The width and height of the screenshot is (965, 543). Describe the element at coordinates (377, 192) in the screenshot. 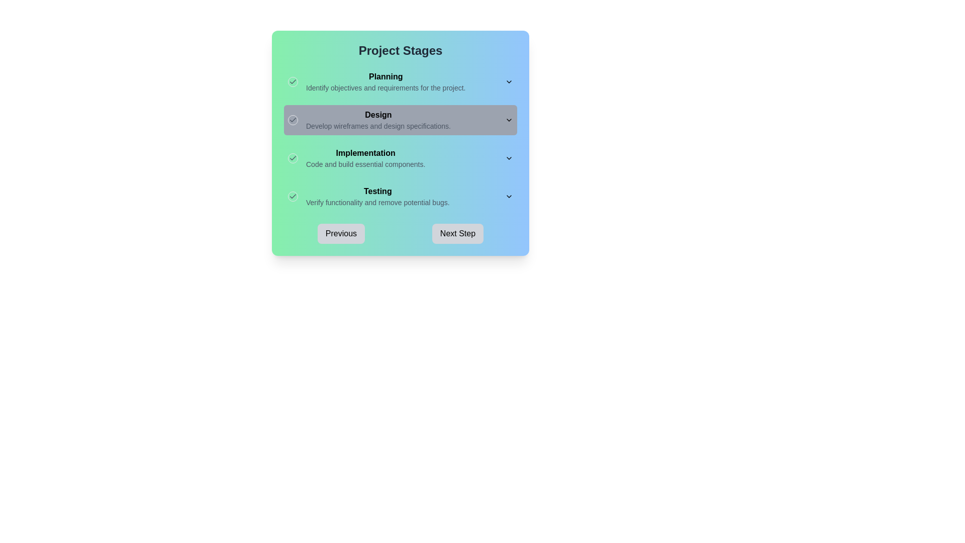

I see `the Static text label indicating the current stage in the 'Testing' section, which is positioned above the descriptive text` at that location.